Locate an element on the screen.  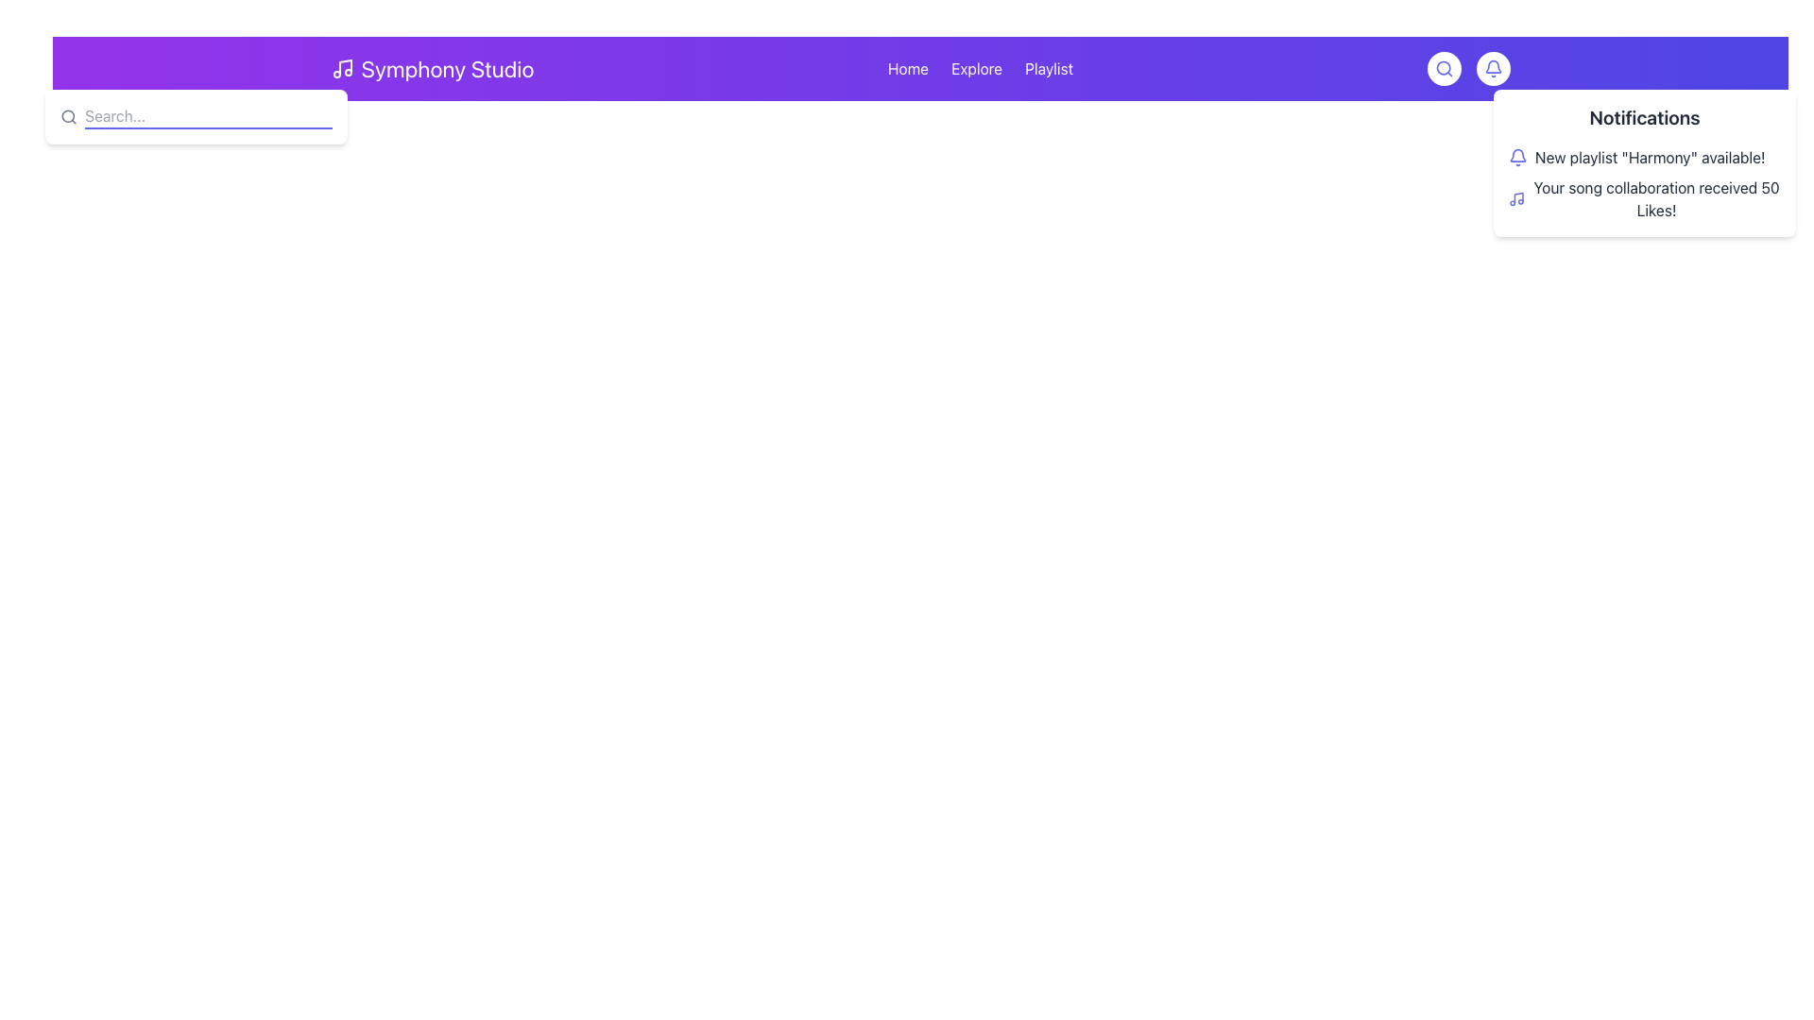
text content of the second notification message about receiving likes on a song collaboration located in the notification dropdown in the top-right corner of the page is located at coordinates (1655, 199).